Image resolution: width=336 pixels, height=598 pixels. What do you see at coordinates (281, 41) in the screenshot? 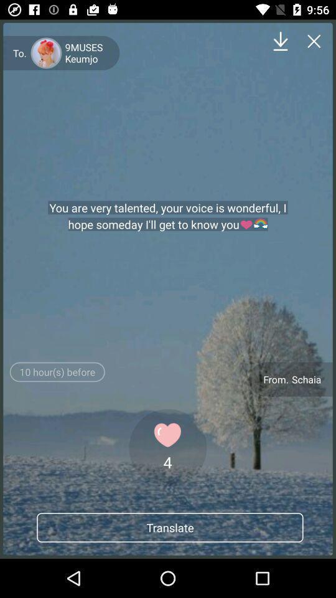
I see `download` at bounding box center [281, 41].